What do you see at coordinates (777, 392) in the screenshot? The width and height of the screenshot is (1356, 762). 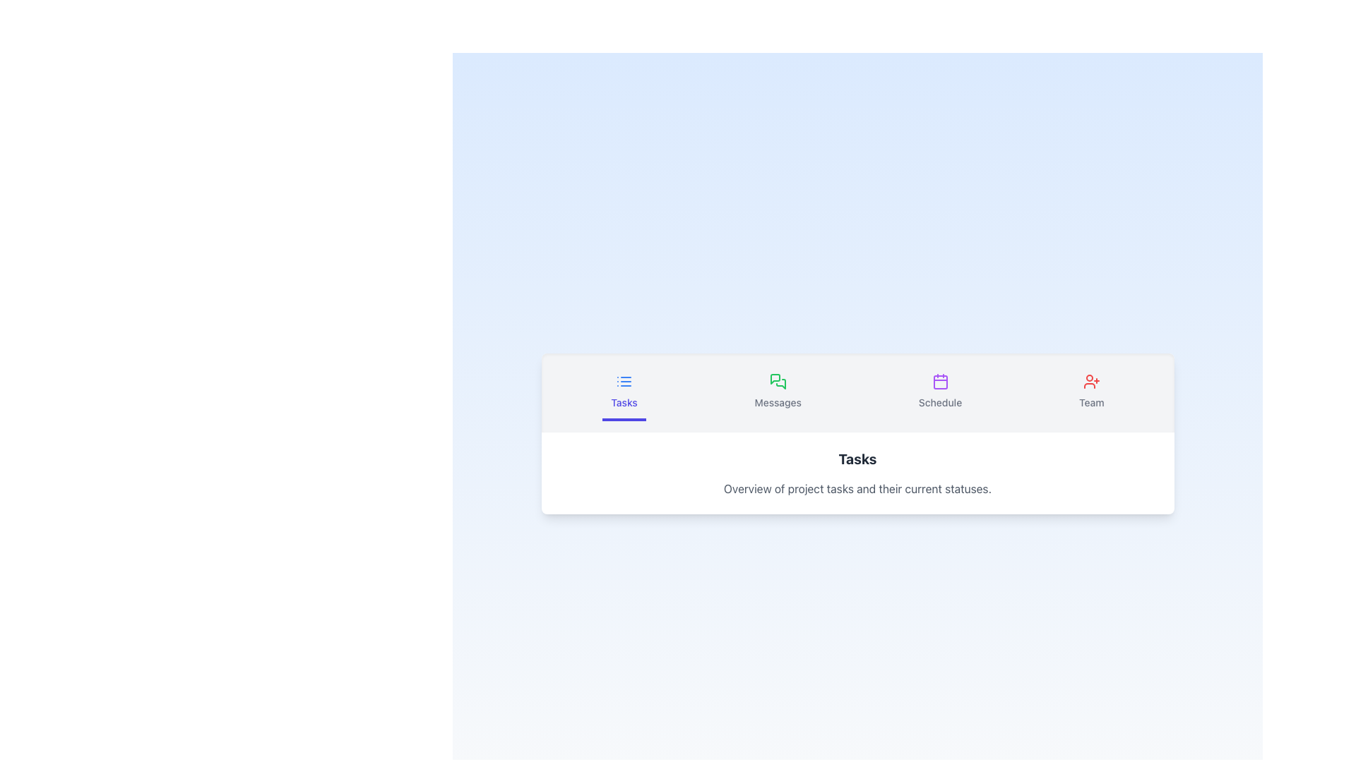 I see `the 'Messages' button which features a green speech bubble icon above the gray text label` at bounding box center [777, 392].